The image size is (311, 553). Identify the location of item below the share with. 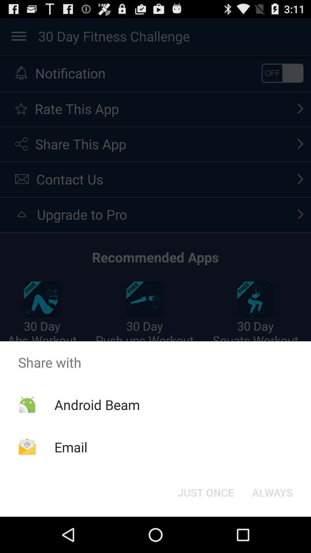
(205, 492).